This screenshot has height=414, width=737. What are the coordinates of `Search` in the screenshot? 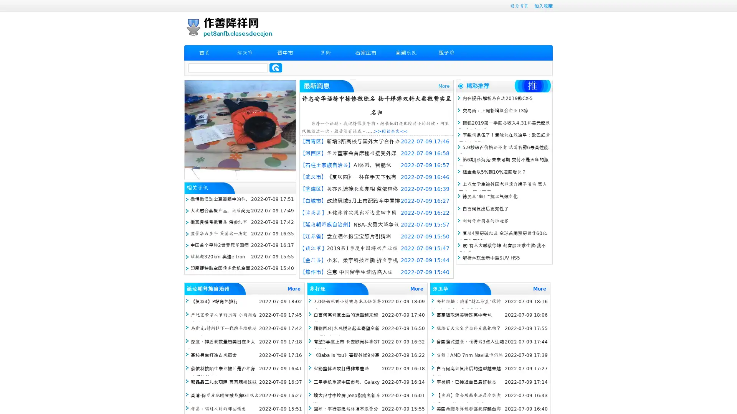 It's located at (276, 67).